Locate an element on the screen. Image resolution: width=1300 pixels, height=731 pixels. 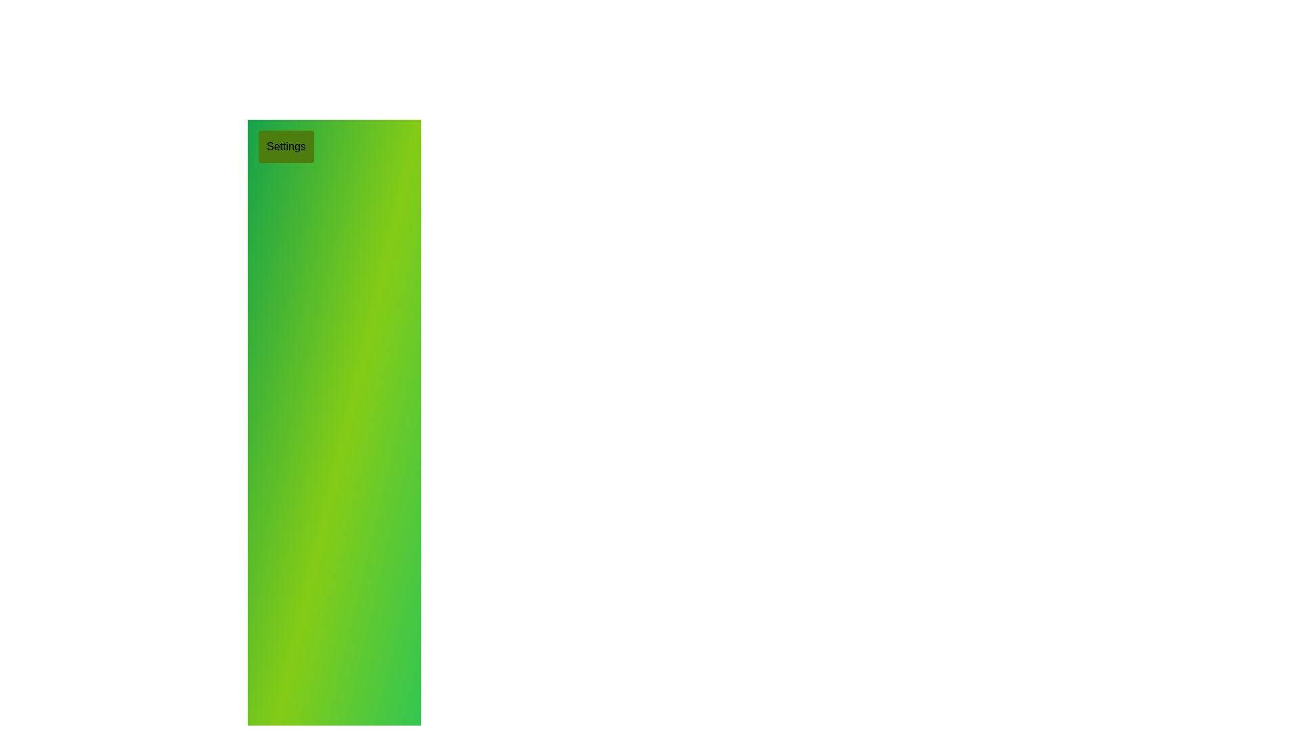
the 'Settings' button is located at coordinates (285, 146).